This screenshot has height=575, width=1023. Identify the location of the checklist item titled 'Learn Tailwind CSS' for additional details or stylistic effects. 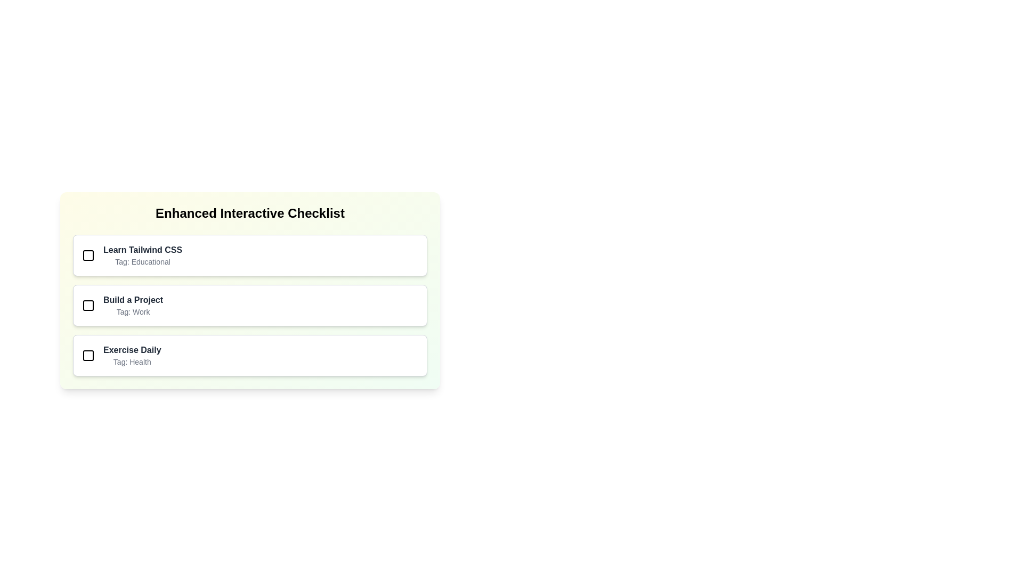
(249, 255).